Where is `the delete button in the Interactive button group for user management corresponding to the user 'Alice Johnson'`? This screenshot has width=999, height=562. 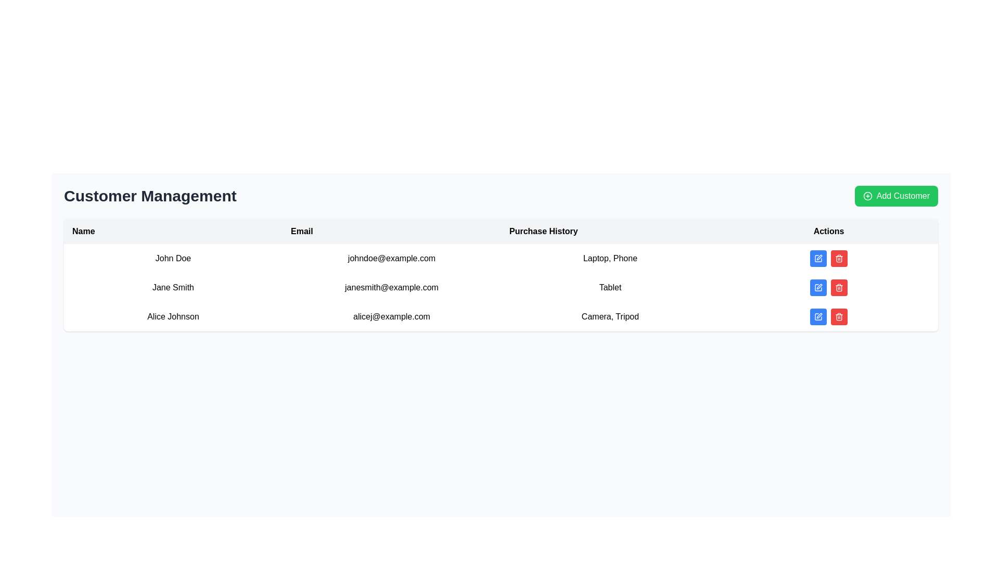
the delete button in the Interactive button group for user management corresponding to the user 'Alice Johnson' is located at coordinates (828, 316).